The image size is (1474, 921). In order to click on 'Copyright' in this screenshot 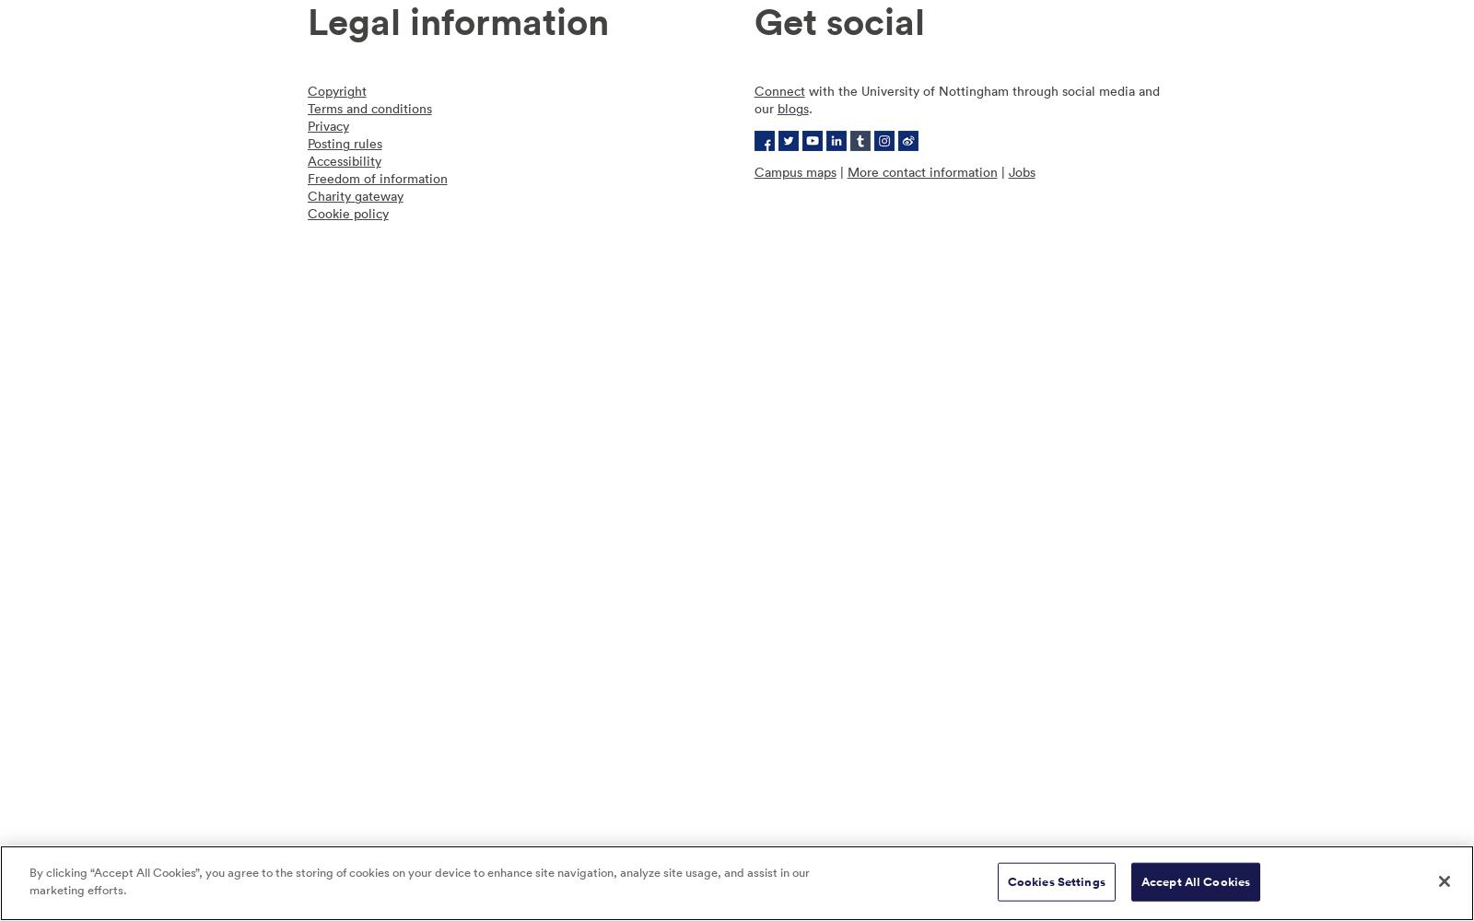, I will do `click(335, 89)`.